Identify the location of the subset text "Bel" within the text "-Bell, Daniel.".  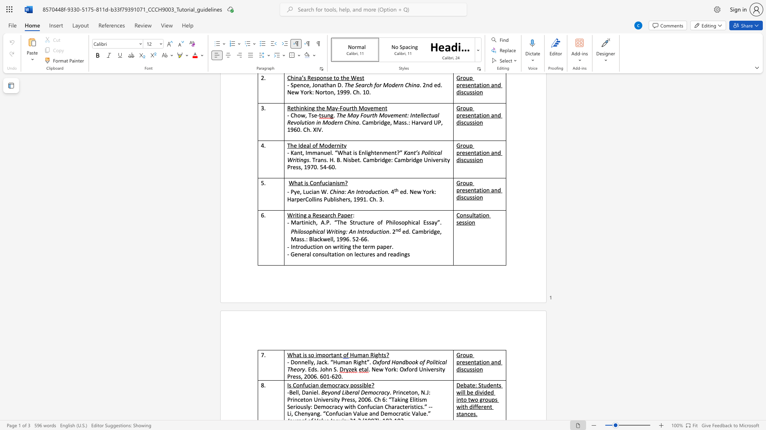
(288, 392).